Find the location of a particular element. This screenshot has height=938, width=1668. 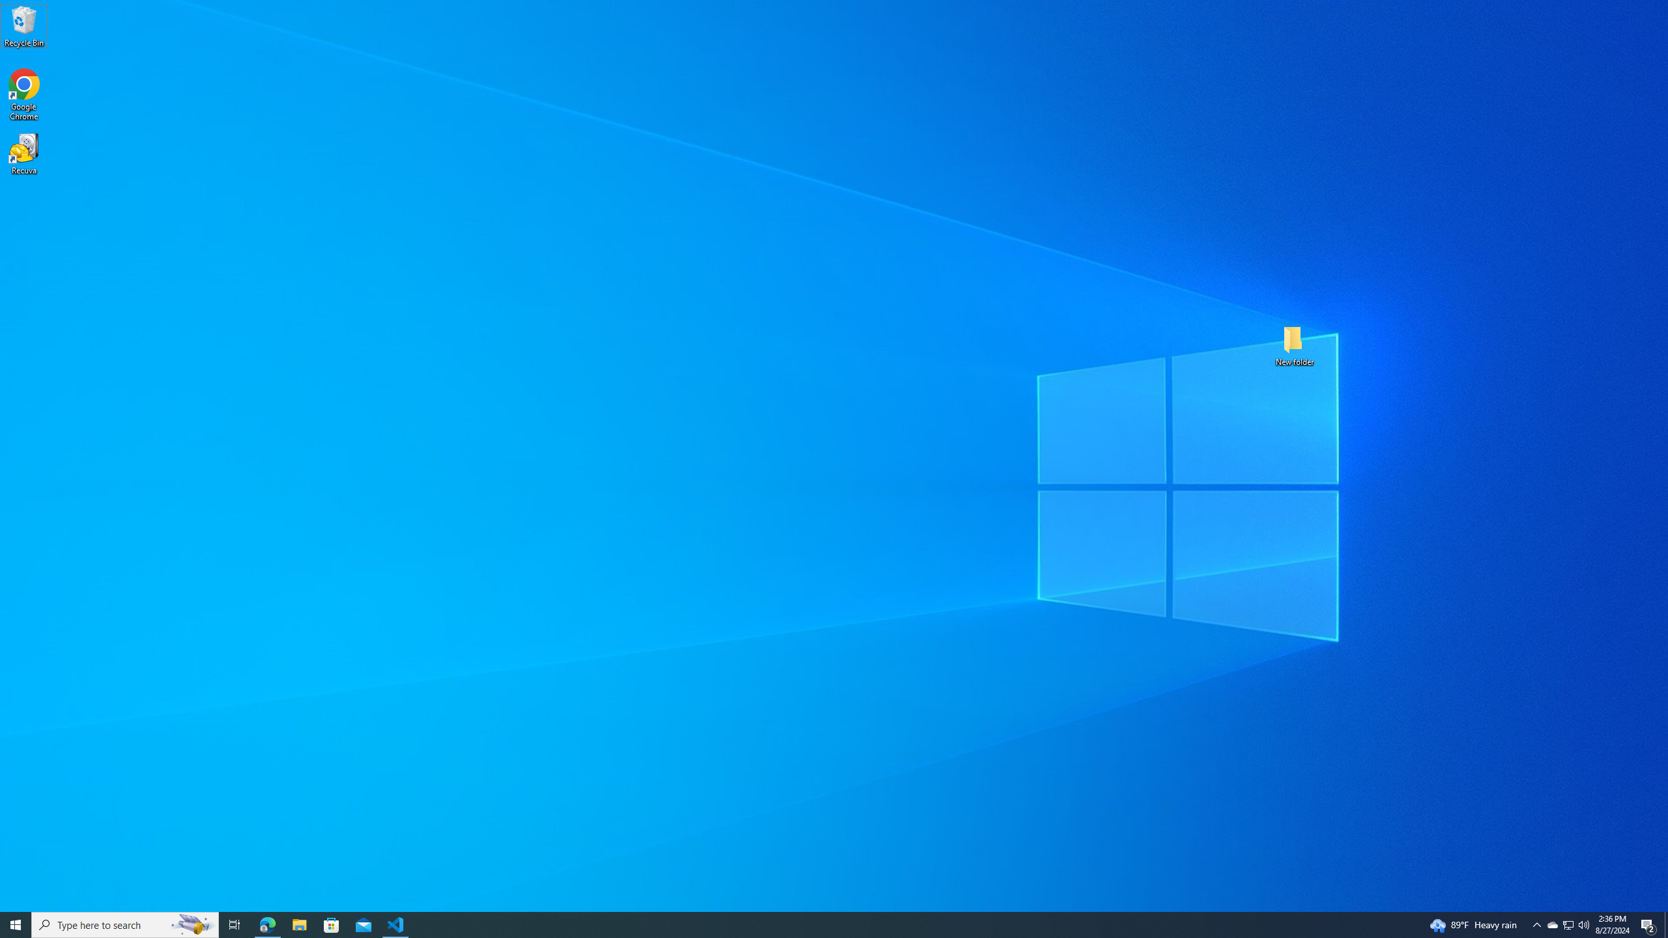

'Notification Chevron' is located at coordinates (1537, 924).